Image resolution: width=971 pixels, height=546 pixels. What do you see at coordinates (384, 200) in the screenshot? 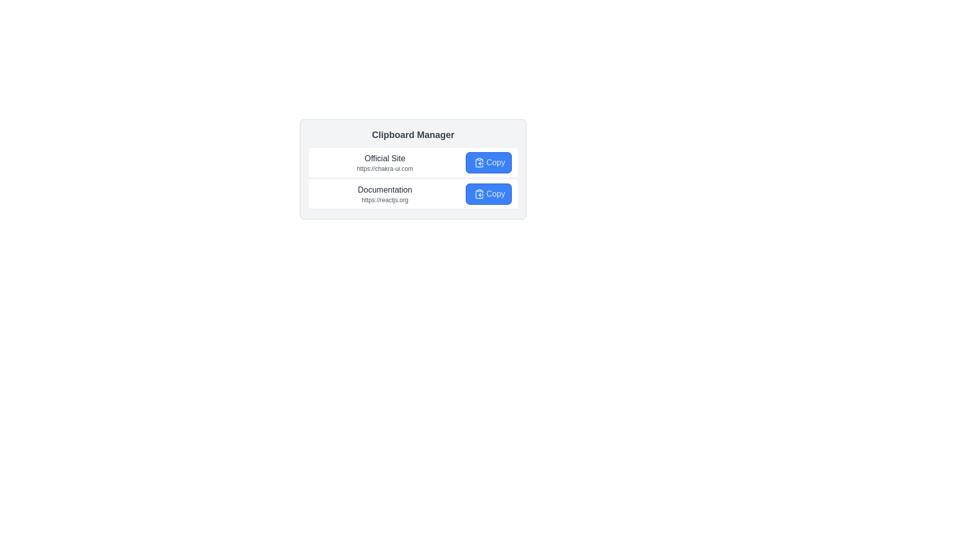
I see `the informational text label displaying the URL 'https://reactjs.org', which is located below the 'Documentation' label in the 'Clipboard Manager' section` at bounding box center [384, 200].